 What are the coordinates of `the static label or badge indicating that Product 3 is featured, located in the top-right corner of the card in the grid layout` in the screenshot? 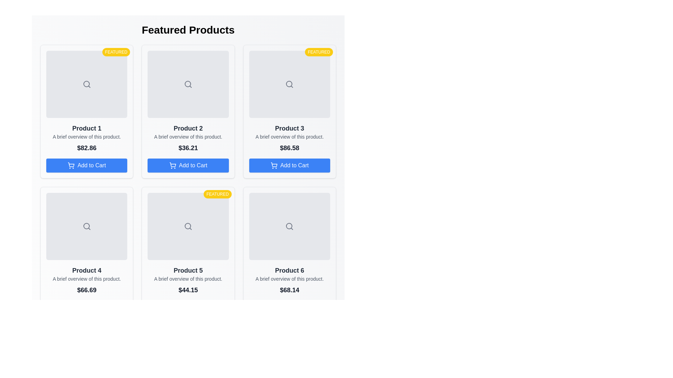 It's located at (319, 52).